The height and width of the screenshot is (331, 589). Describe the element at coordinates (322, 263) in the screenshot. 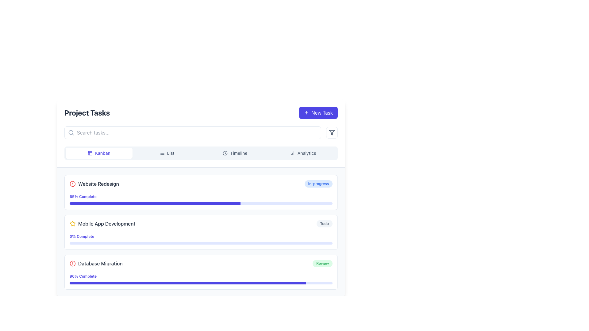

I see `the static label indicating the status 'Review', which is positioned to the far right of the 'Database Migration' task entry in the 'Project Tasks' section` at that location.